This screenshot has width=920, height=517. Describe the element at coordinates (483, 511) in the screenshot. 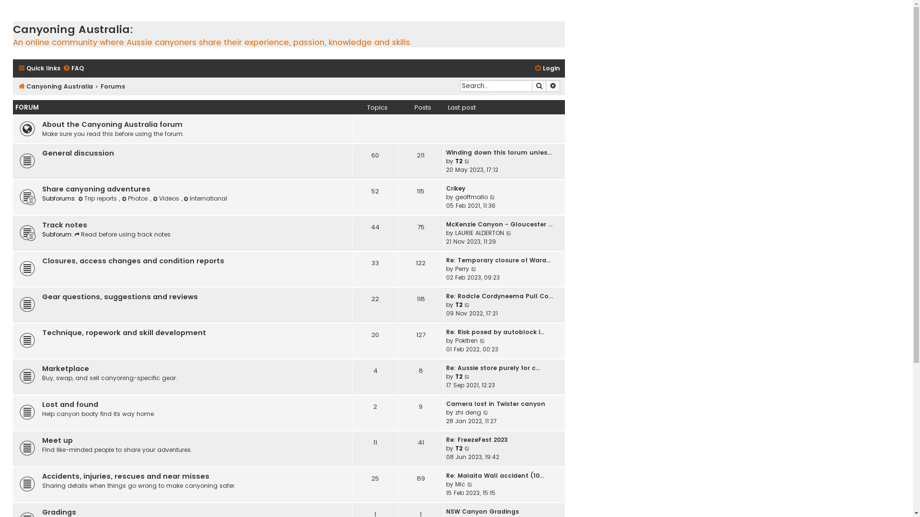

I see `'NSW Canyon Gradings'` at that location.